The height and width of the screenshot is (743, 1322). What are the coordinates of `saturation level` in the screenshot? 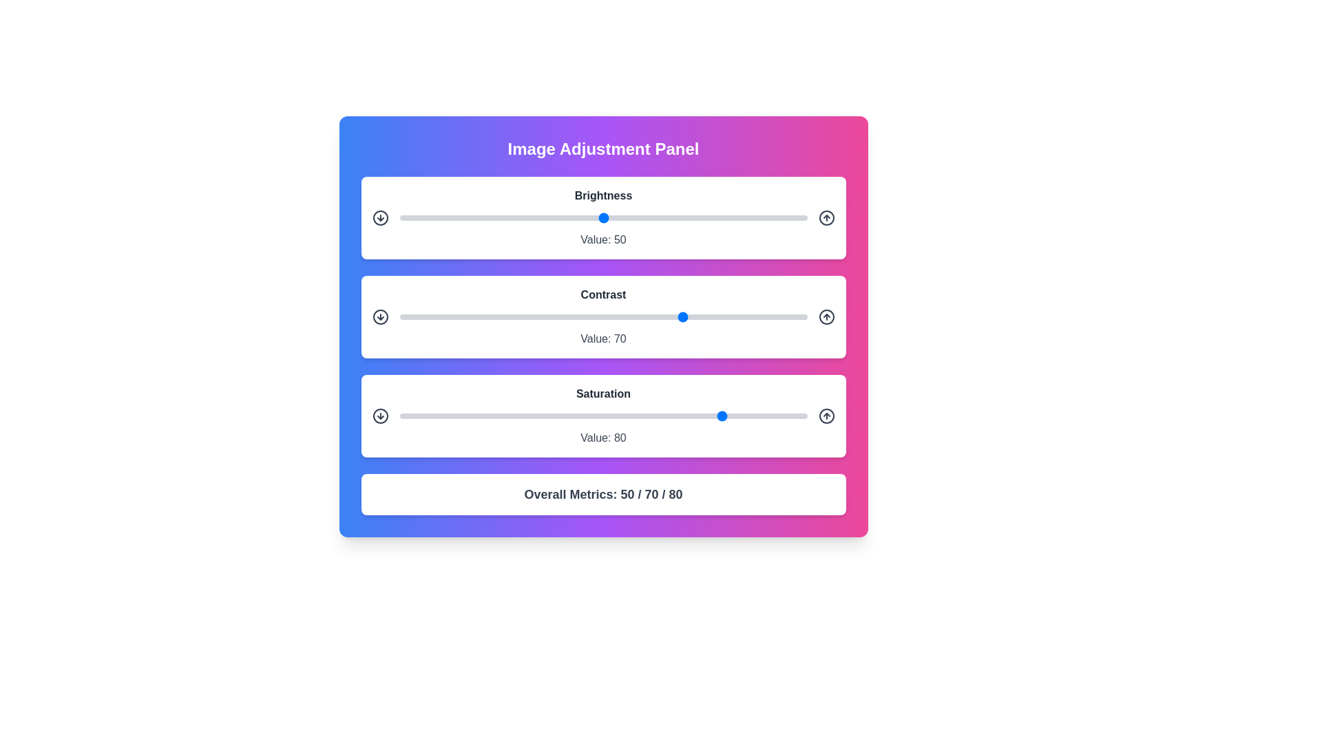 It's located at (448, 416).